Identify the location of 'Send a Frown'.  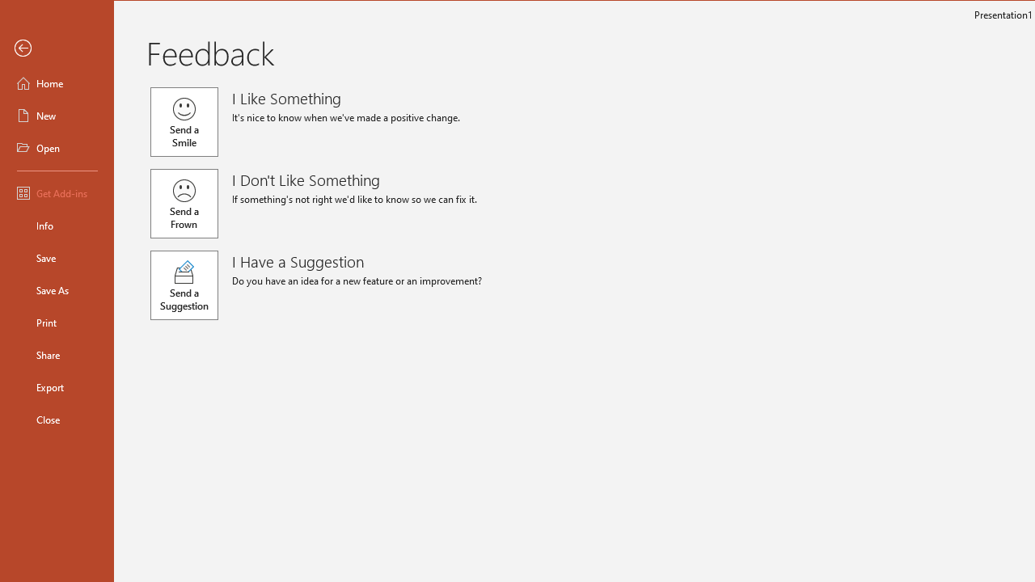
(184, 202).